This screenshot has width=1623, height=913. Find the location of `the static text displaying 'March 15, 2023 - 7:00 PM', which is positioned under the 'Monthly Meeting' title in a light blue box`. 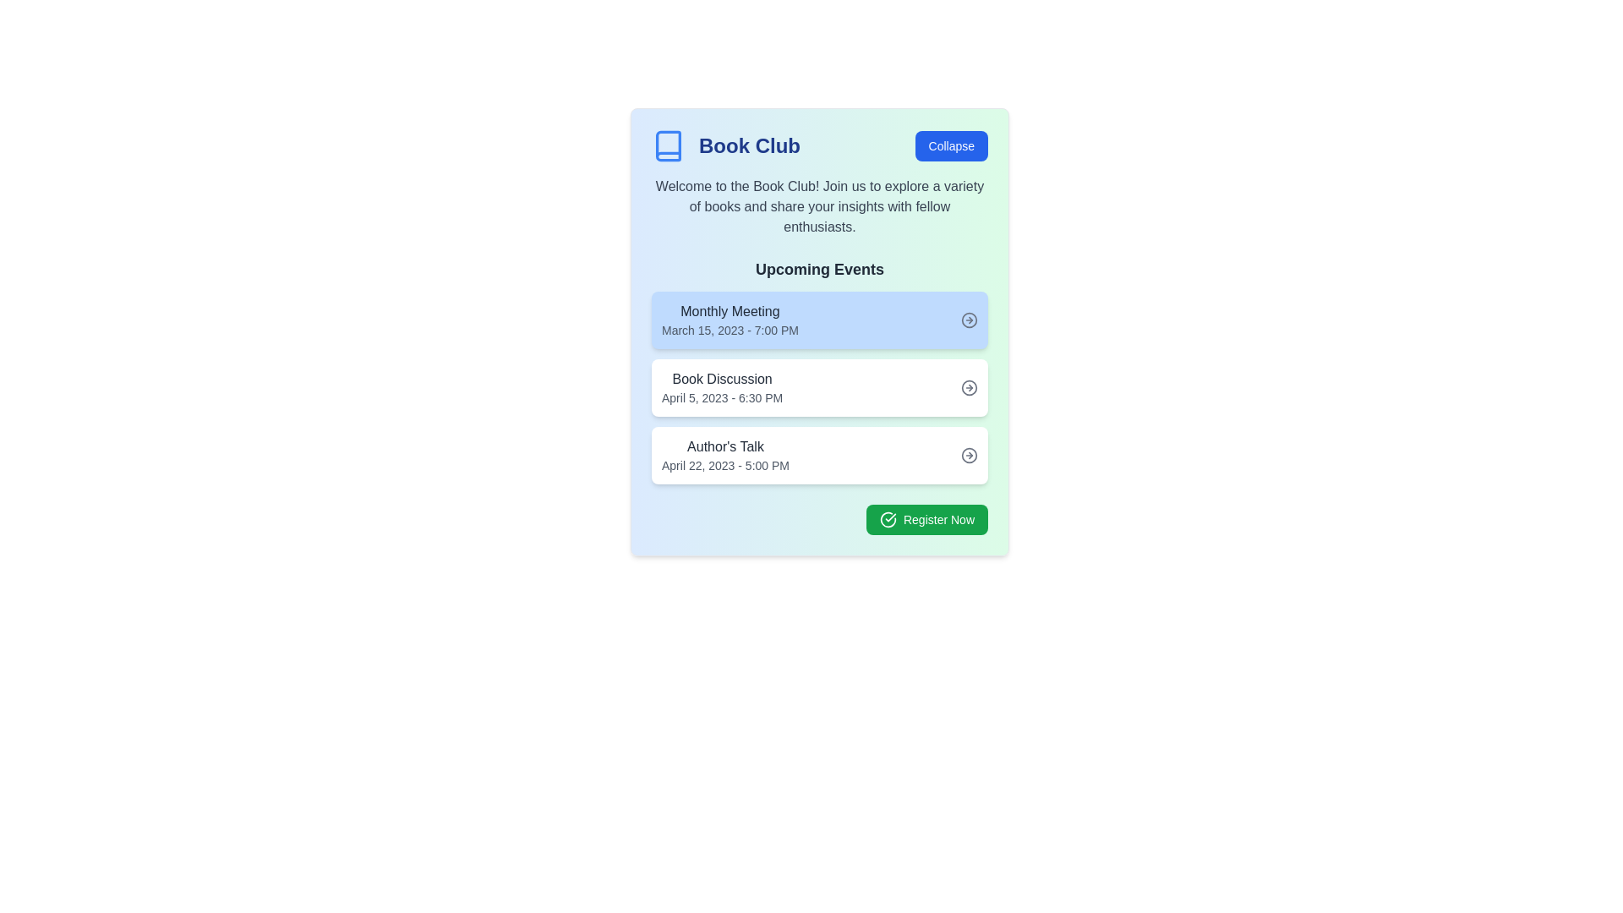

the static text displaying 'March 15, 2023 - 7:00 PM', which is positioned under the 'Monthly Meeting' title in a light blue box is located at coordinates (730, 330).